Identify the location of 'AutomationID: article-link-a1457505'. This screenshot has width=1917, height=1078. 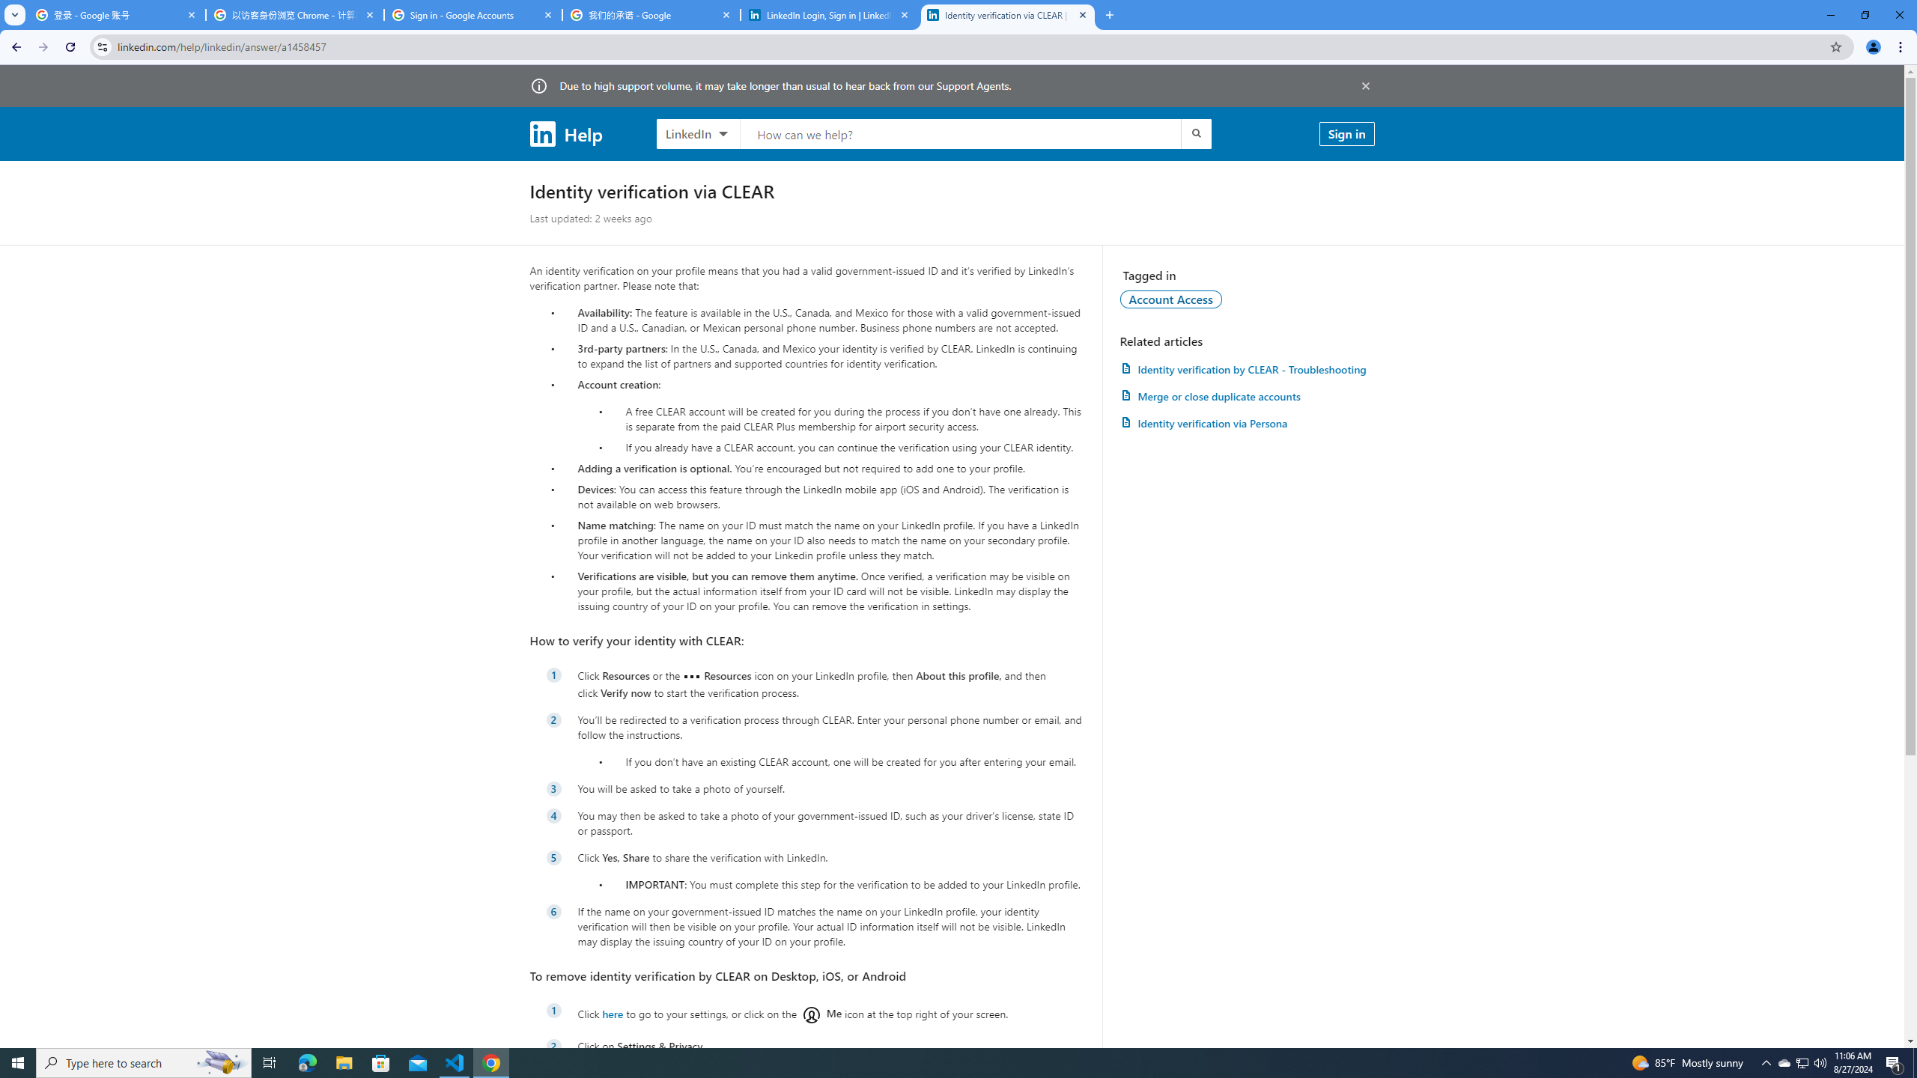
(1246, 369).